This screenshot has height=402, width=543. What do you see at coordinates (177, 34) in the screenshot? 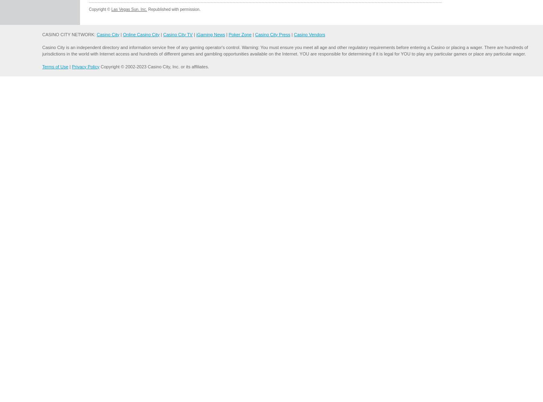
I see `'Casino City TV'` at bounding box center [177, 34].